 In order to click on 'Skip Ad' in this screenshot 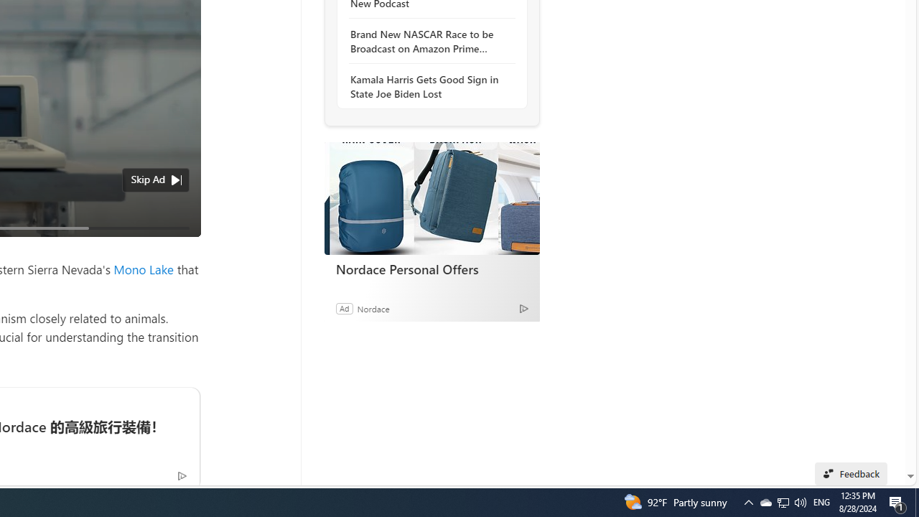, I will do `click(148, 178)`.